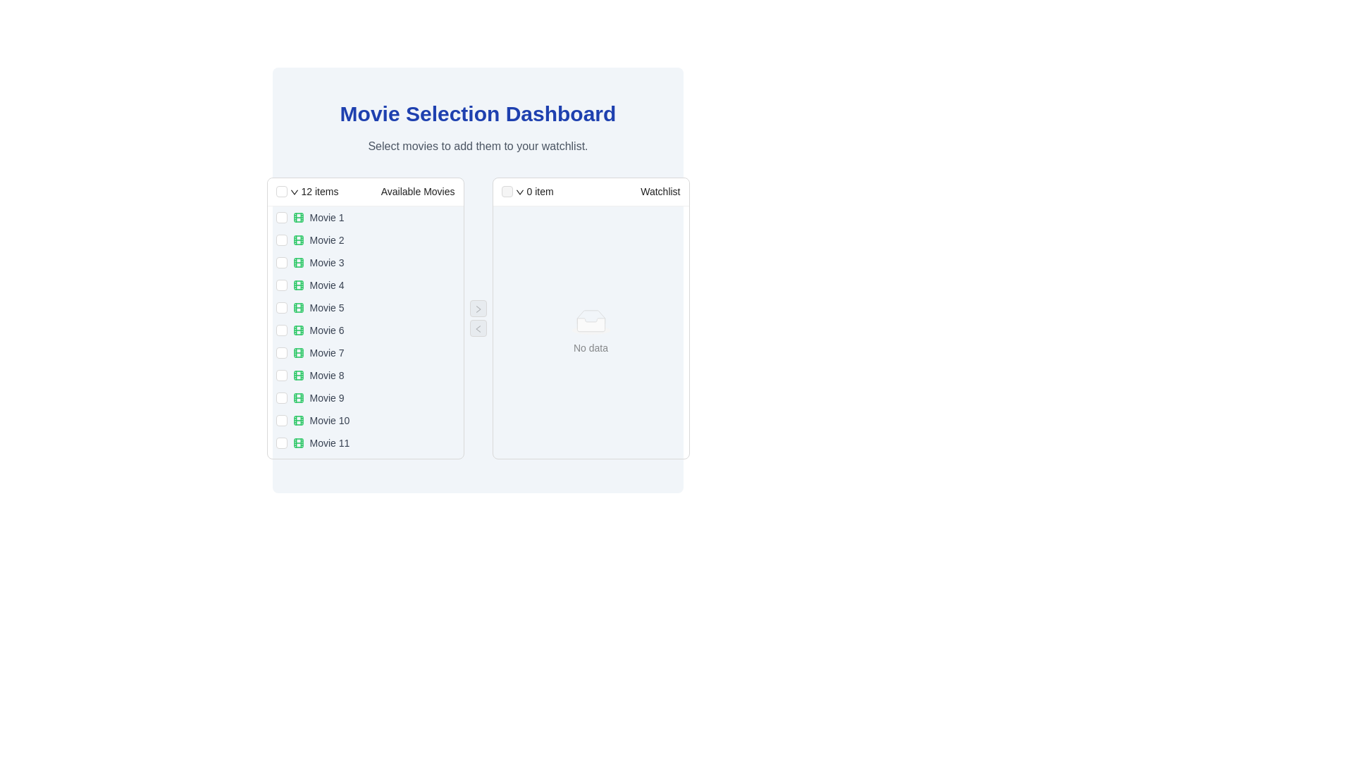 The image size is (1353, 761). I want to click on the heading 'Movie Selection Dashboard', which is a large, bold, blue text prominently displayed at the top center of the interface, above the subtitle, so click(478, 113).